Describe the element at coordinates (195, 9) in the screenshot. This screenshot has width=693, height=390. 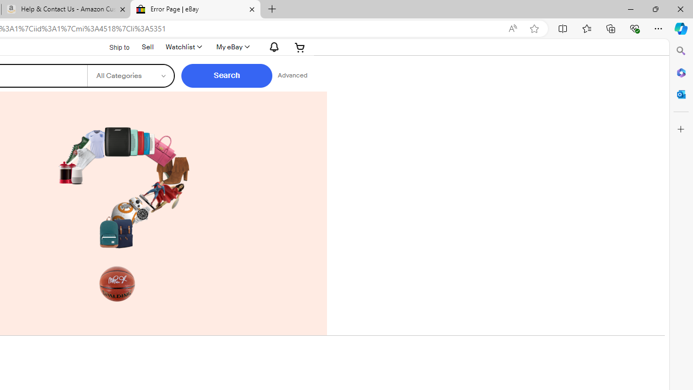
I see `'Error Page | eBay'` at that location.